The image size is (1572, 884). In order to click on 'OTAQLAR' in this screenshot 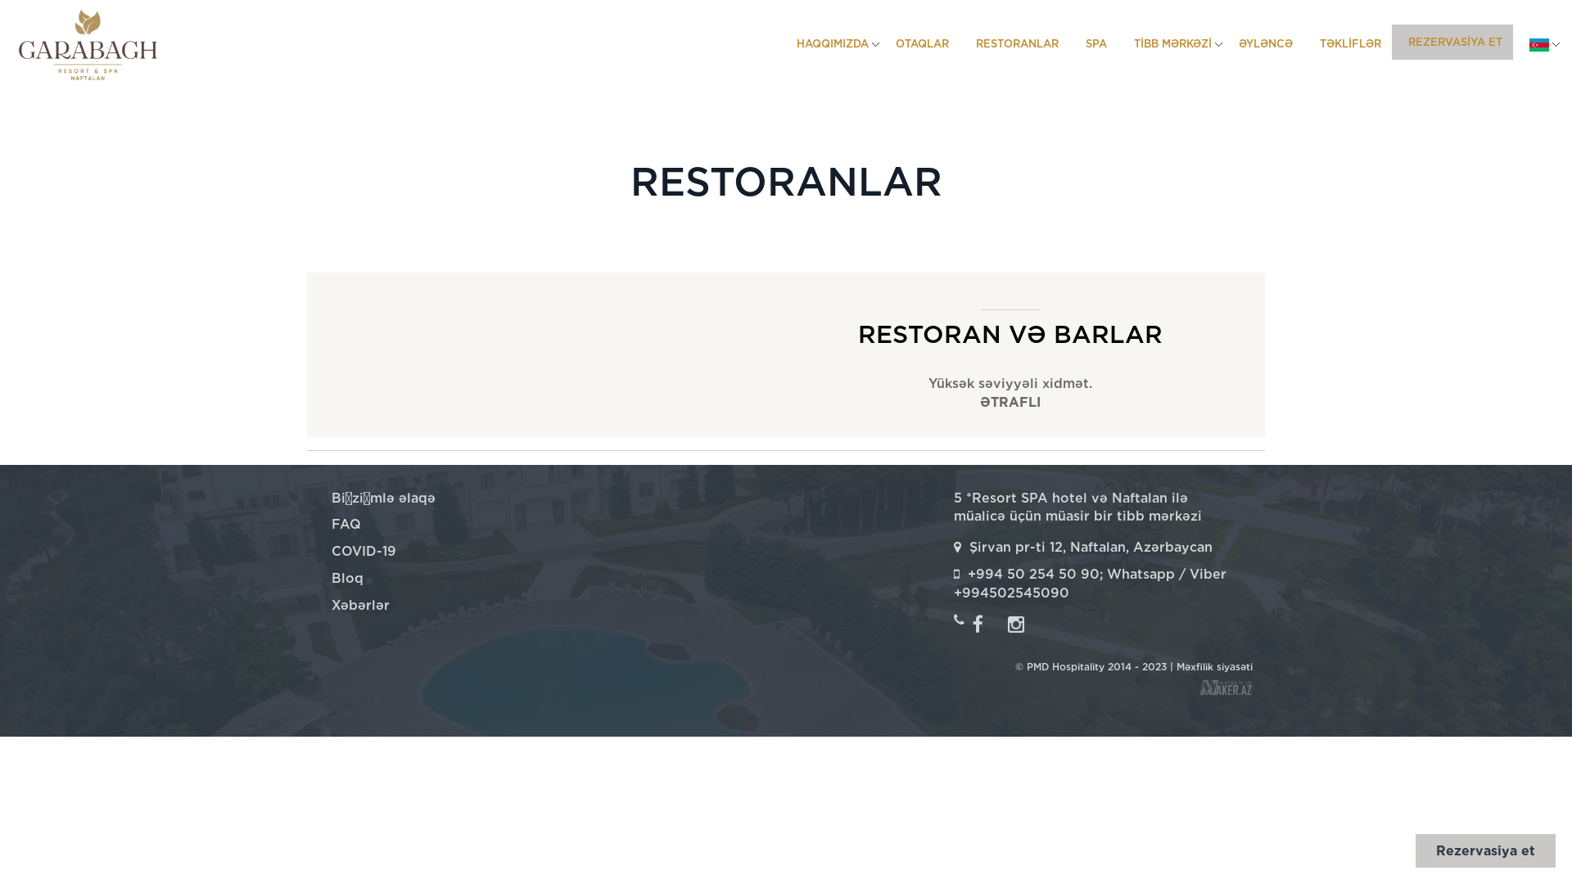, I will do `click(919, 43)`.